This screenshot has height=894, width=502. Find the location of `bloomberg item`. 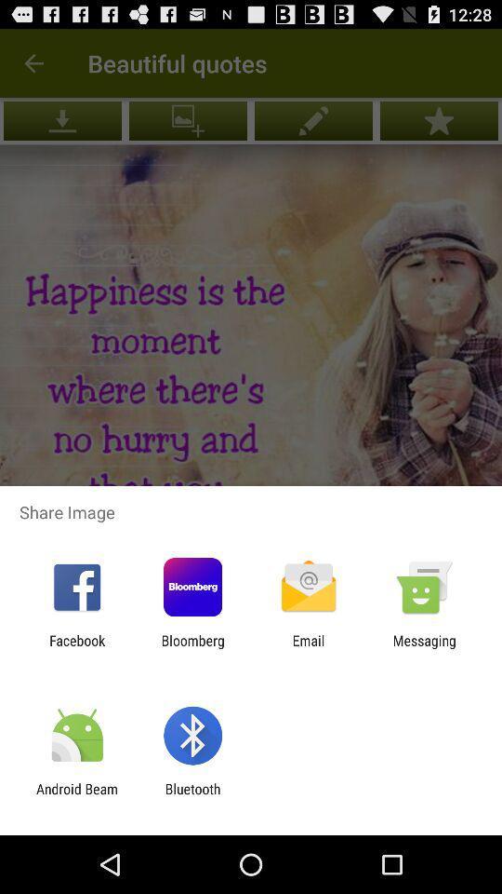

bloomberg item is located at coordinates (192, 648).